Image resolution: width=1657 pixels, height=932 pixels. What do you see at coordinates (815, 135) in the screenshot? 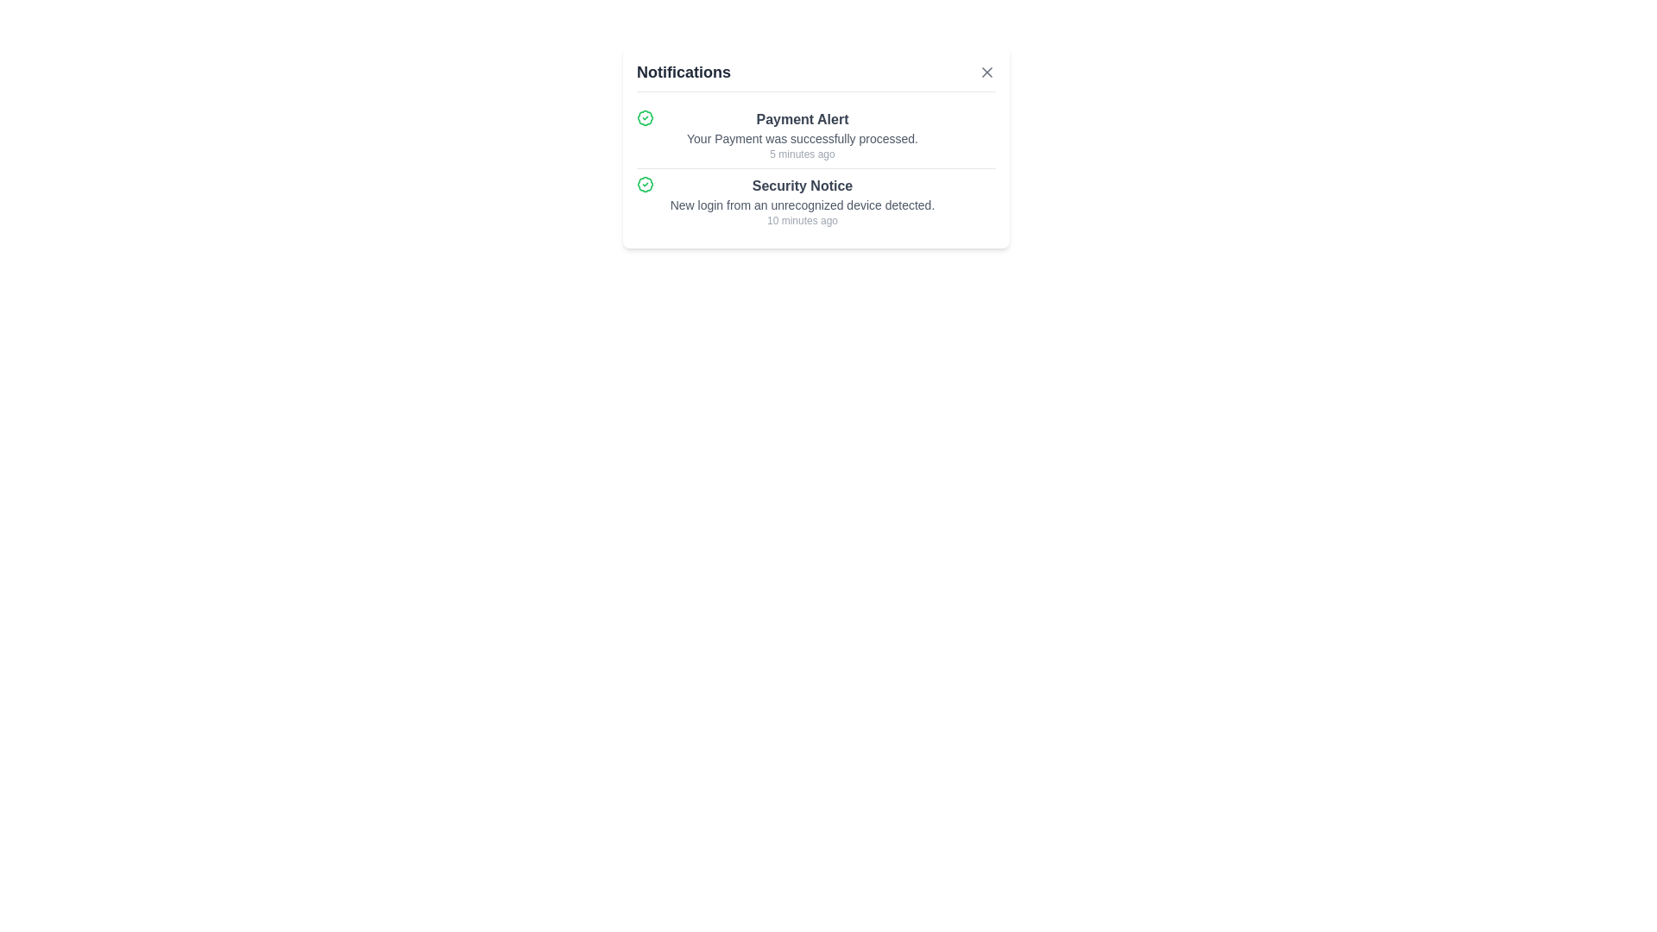
I see `the first notification item titled 'Payment Alert' to acknowledge or interact with it` at bounding box center [815, 135].